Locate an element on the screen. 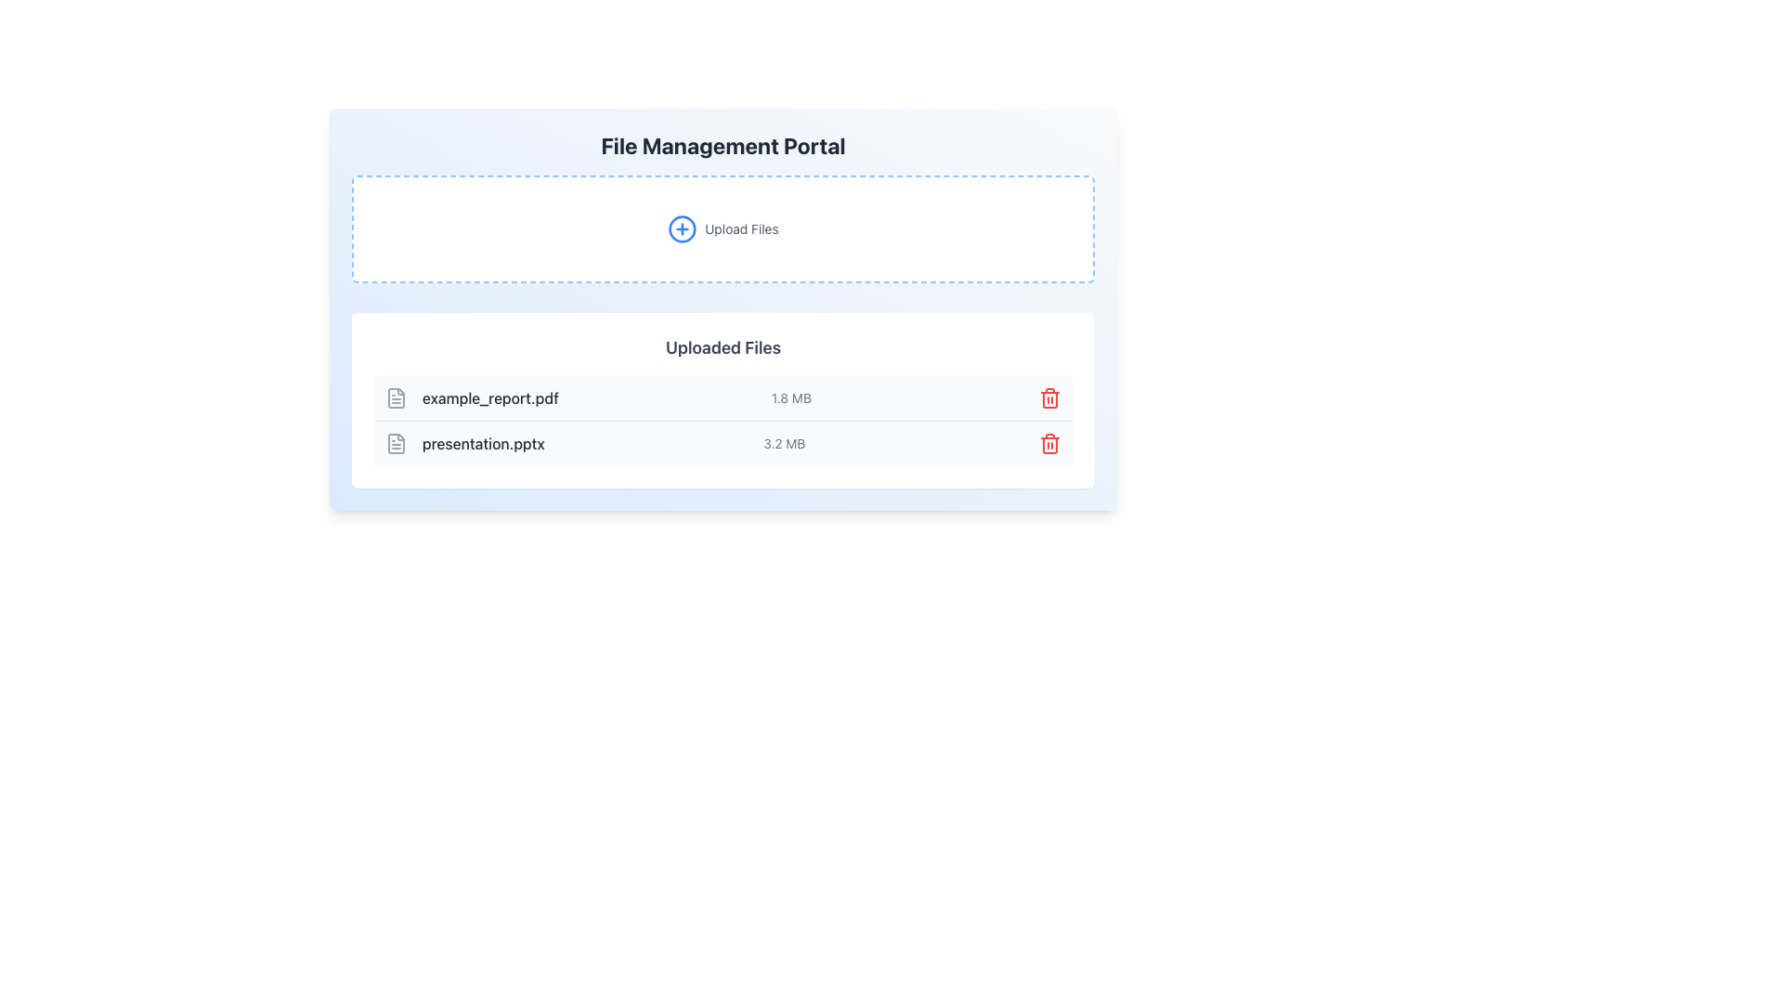 The height and width of the screenshot is (1003, 1783). the red trash bin icon button located on the far right of the 'example_report.pdf' file entry is located at coordinates (1050, 397).